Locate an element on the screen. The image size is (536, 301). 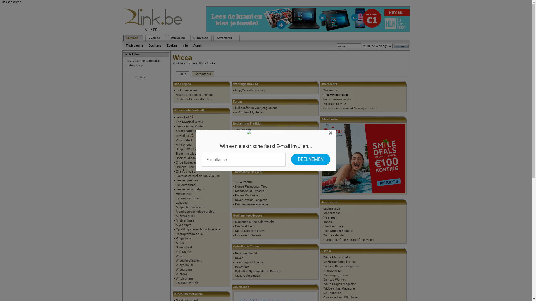
'The Mystical Circle' is located at coordinates (189, 122).